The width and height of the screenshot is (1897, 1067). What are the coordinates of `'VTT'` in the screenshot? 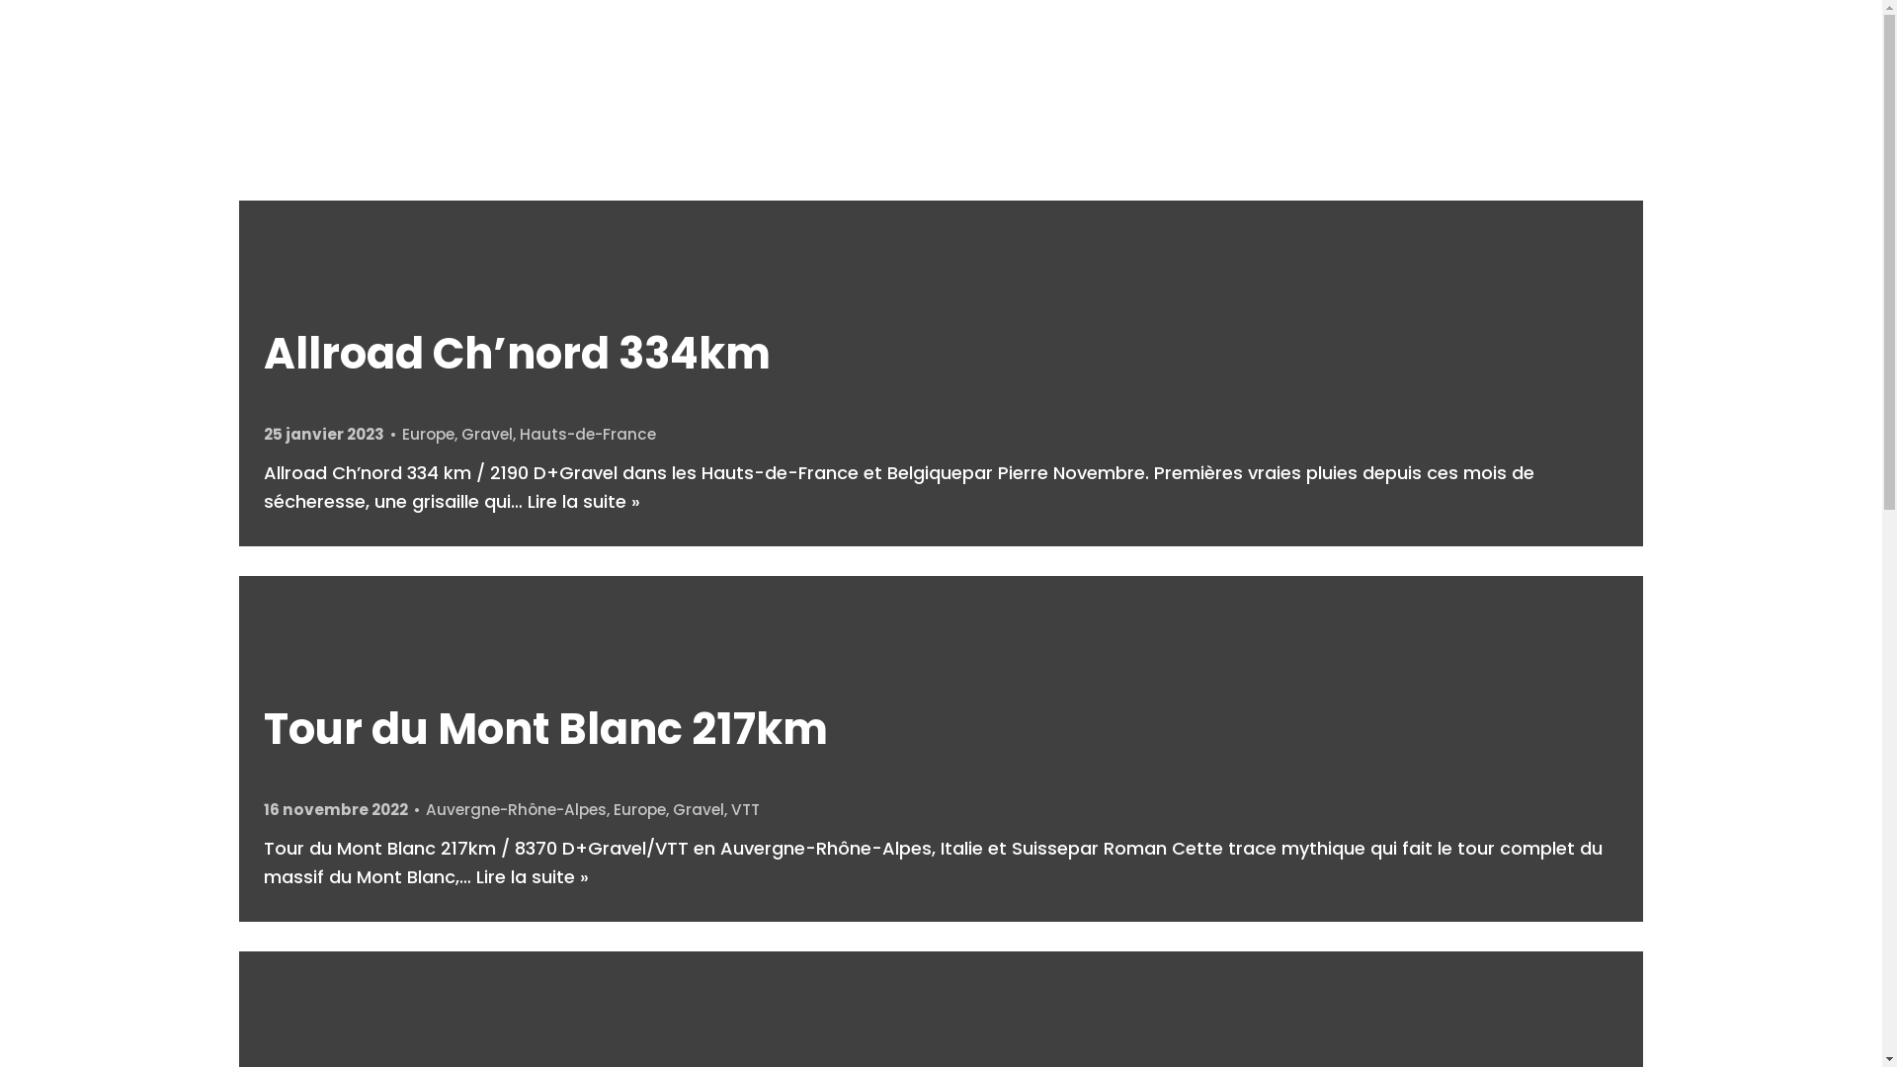 It's located at (744, 809).